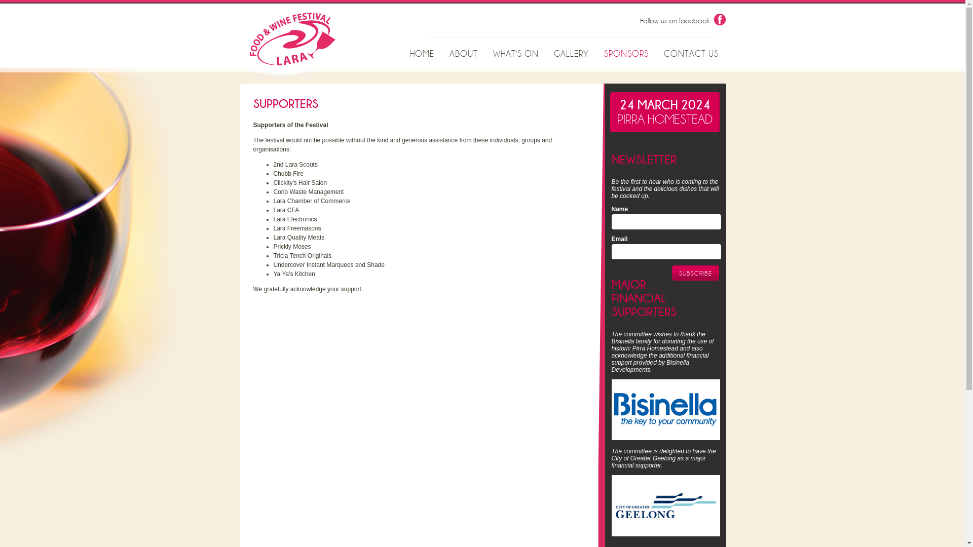 This screenshot has width=973, height=547. Describe the element at coordinates (485, 54) in the screenshot. I see `'WHAT'S ON'` at that location.